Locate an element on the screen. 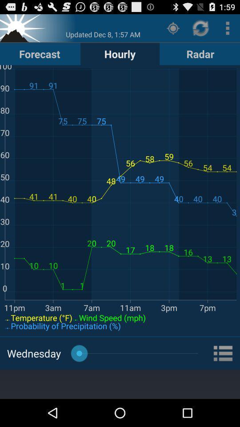  icon next to the hourly item is located at coordinates (173, 28).